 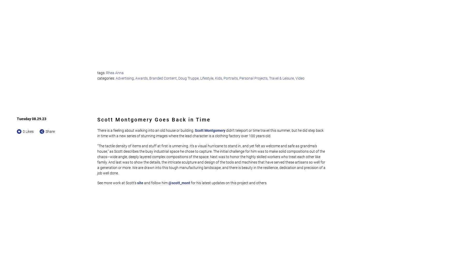 I want to click on 'Rhea Anna', so click(x=106, y=73).